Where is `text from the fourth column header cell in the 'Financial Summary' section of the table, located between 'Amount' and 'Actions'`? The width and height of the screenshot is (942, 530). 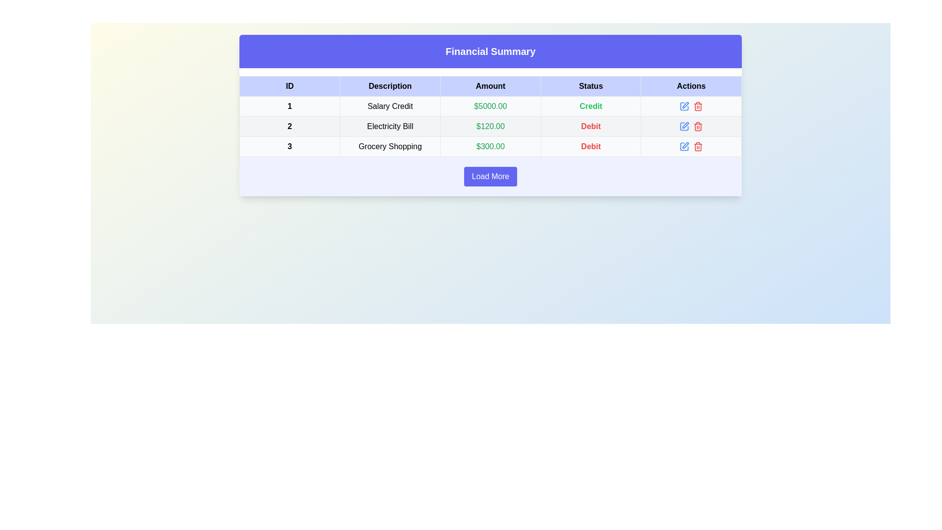
text from the fourth column header cell in the 'Financial Summary' section of the table, located between 'Amount' and 'Actions' is located at coordinates (590, 86).